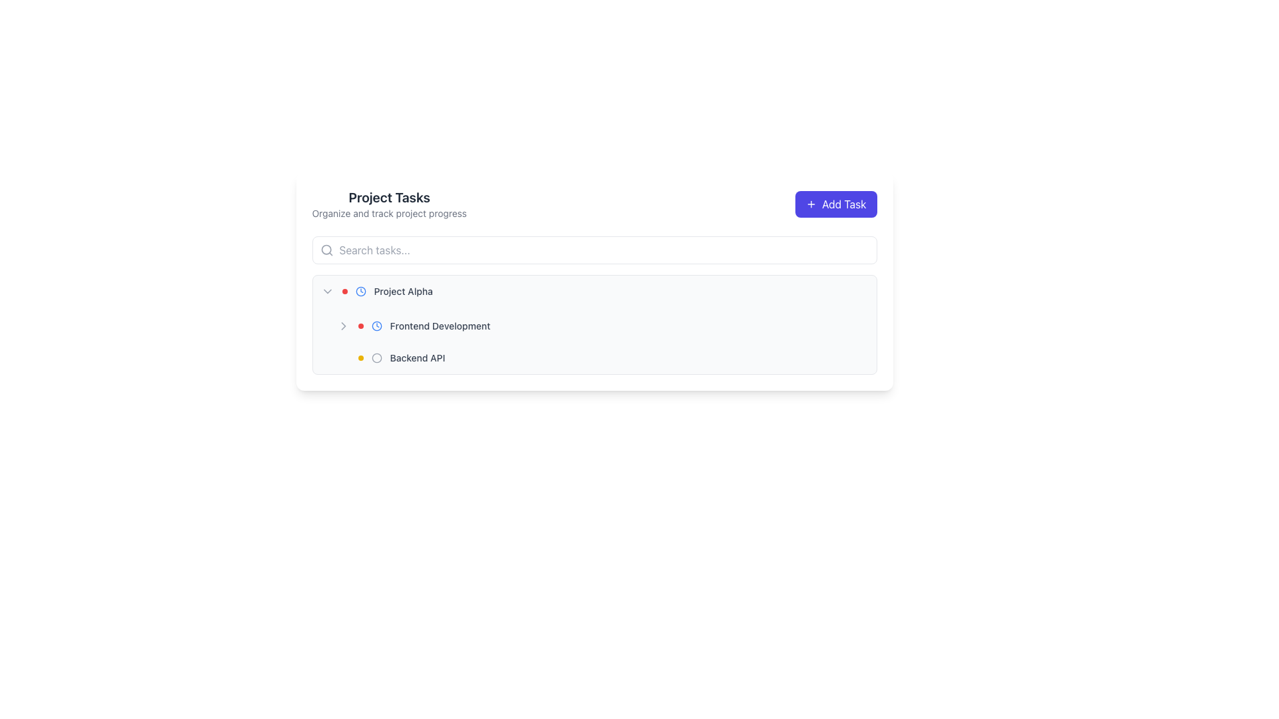 Image resolution: width=1279 pixels, height=719 pixels. What do you see at coordinates (376, 326) in the screenshot?
I see `the clock icon indicating a time-related feature next to the 'Frontend Development' text` at bounding box center [376, 326].